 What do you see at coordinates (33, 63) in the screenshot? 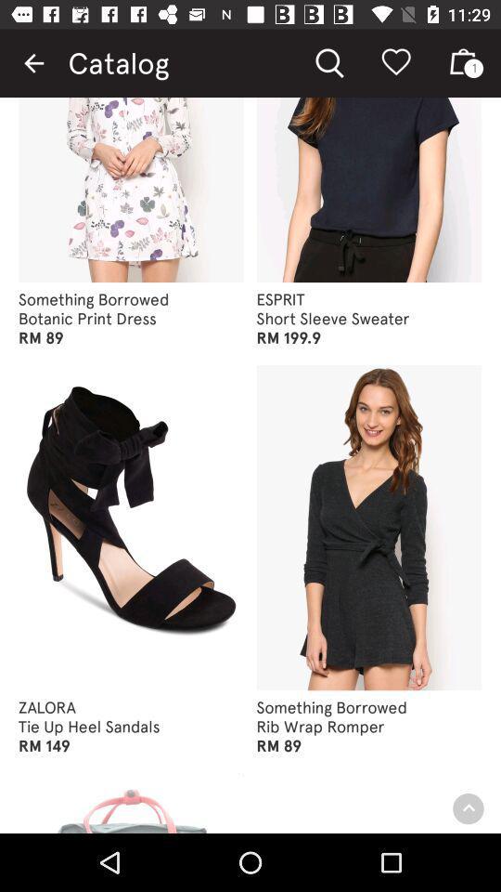
I see `the item next to catalog icon` at bounding box center [33, 63].